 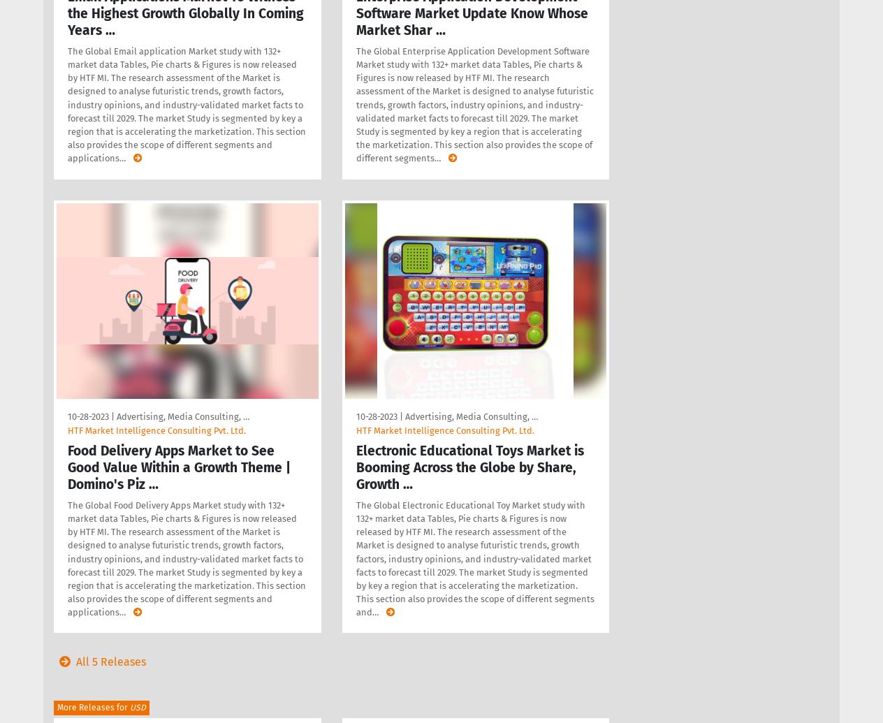 I want to click on 'Food Delivery Apps Market to See Good Value Within a Growth Theme | Domino's Piz …', so click(x=66, y=466).